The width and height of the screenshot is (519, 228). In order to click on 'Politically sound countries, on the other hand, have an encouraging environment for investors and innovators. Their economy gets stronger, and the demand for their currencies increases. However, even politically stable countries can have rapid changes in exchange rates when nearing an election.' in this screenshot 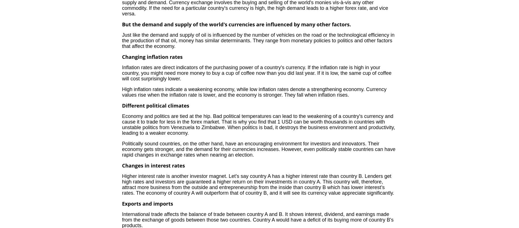, I will do `click(121, 149)`.